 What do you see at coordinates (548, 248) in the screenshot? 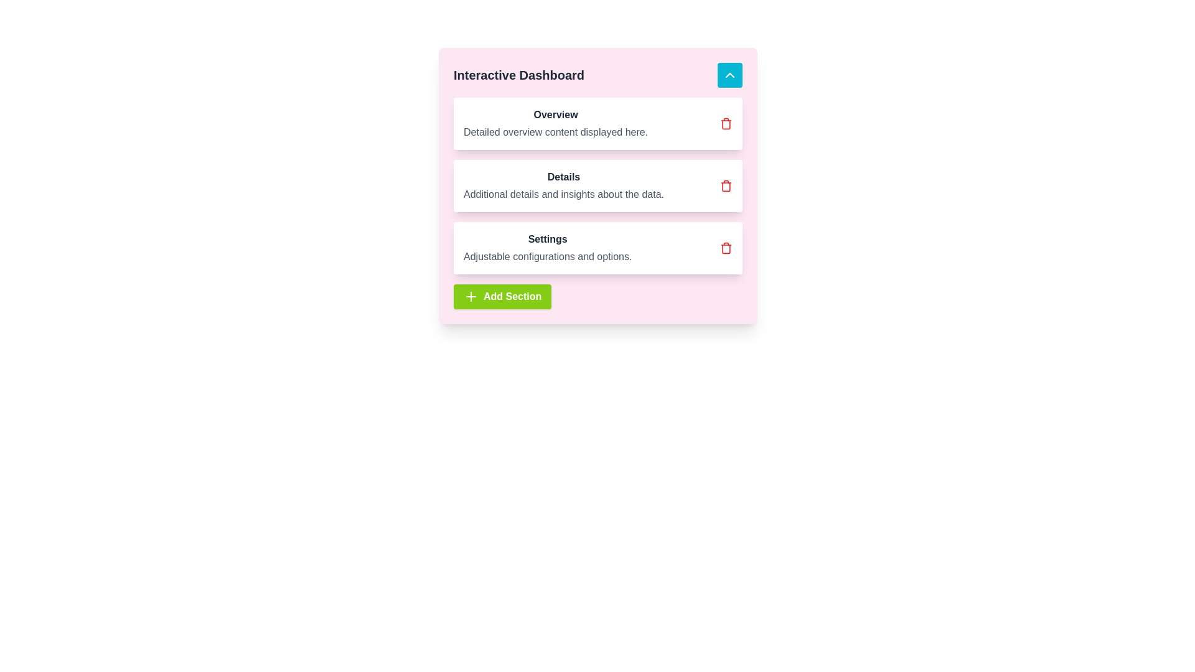
I see `the heading 'Settings' of the Text block that contains a description about adjustable configurations and options, which is the third item in the stacked card layout under 'Interactive Dashboard'` at bounding box center [548, 248].